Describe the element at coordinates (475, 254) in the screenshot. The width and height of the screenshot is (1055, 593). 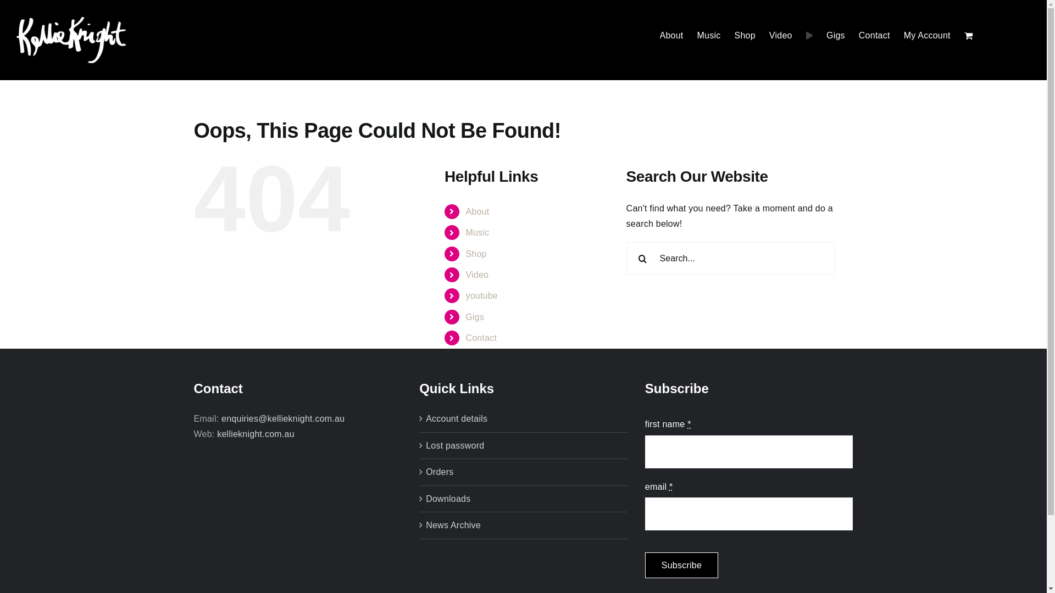
I see `'Shop'` at that location.